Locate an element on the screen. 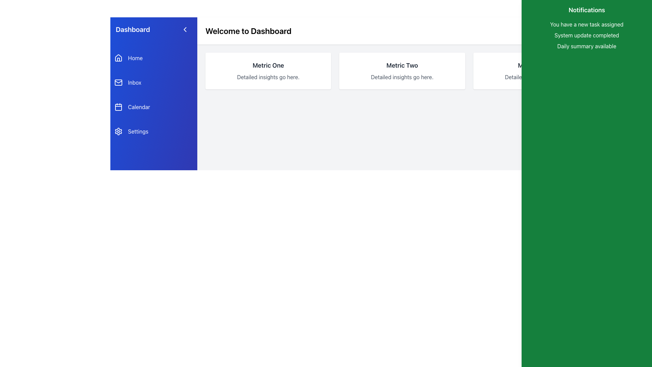 This screenshot has width=652, height=367. the 'Calendar' icon in the vertical navigation menu, which is the second item inside the 'Calendar' button is located at coordinates (119, 107).